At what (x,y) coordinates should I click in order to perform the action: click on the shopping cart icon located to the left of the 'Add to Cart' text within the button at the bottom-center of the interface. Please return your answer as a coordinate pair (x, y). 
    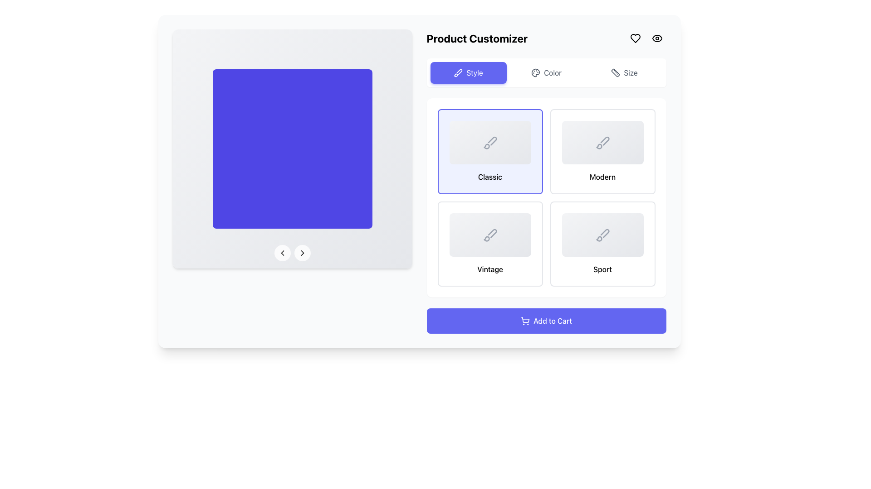
    Looking at the image, I should click on (525, 321).